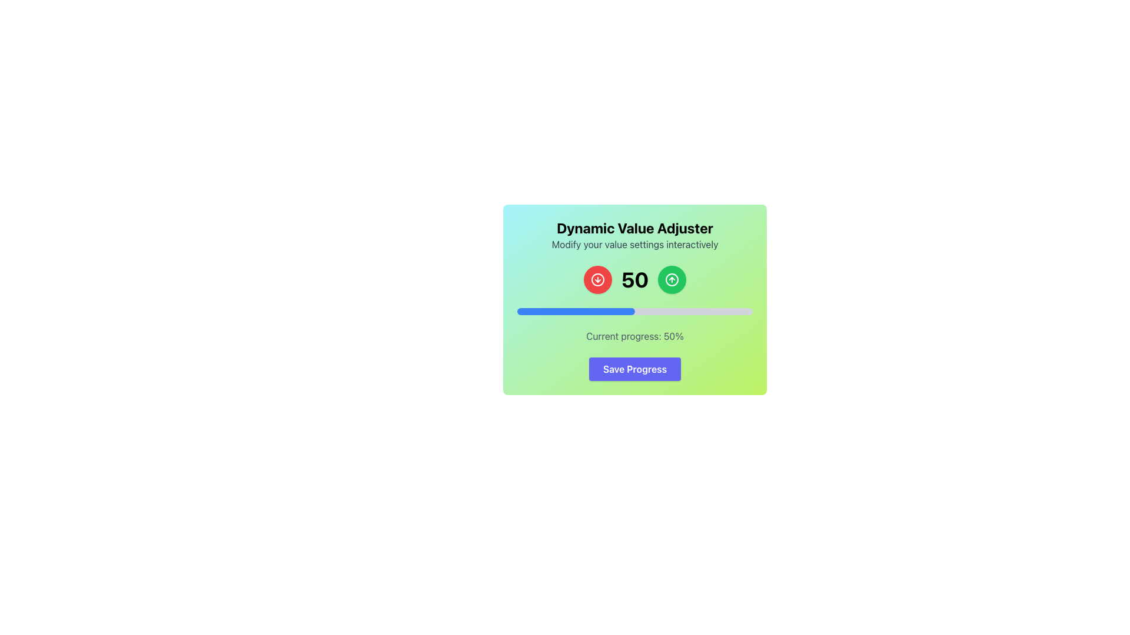 This screenshot has width=1130, height=635. I want to click on the horizontal progress bar that is styled with a gray background and has a blue filled portion representing 50% progress, located just below the numerical indicator '50', so click(634, 310).